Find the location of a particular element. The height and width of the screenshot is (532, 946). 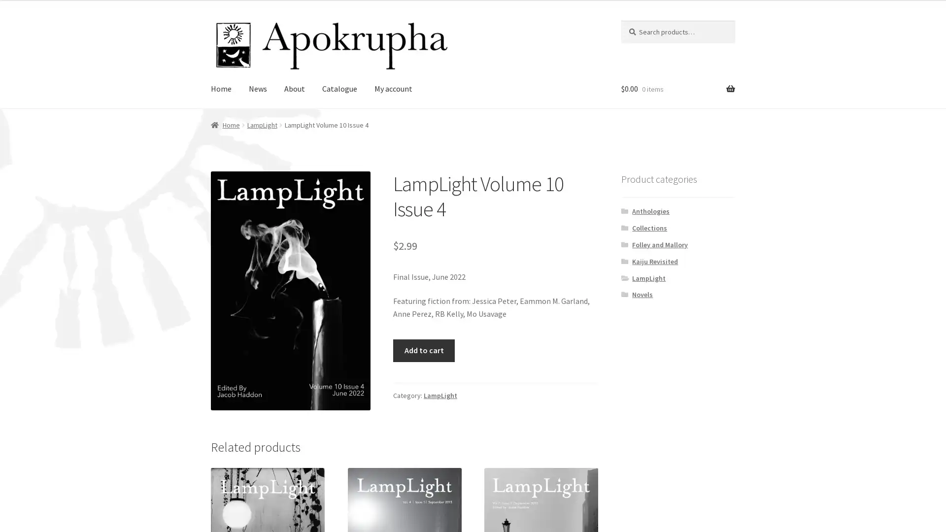

Add to cart is located at coordinates (424, 350).